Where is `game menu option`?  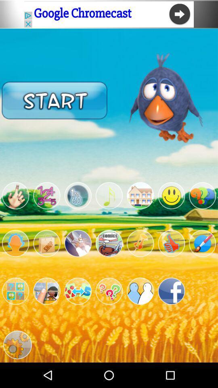 game menu option is located at coordinates (171, 195).